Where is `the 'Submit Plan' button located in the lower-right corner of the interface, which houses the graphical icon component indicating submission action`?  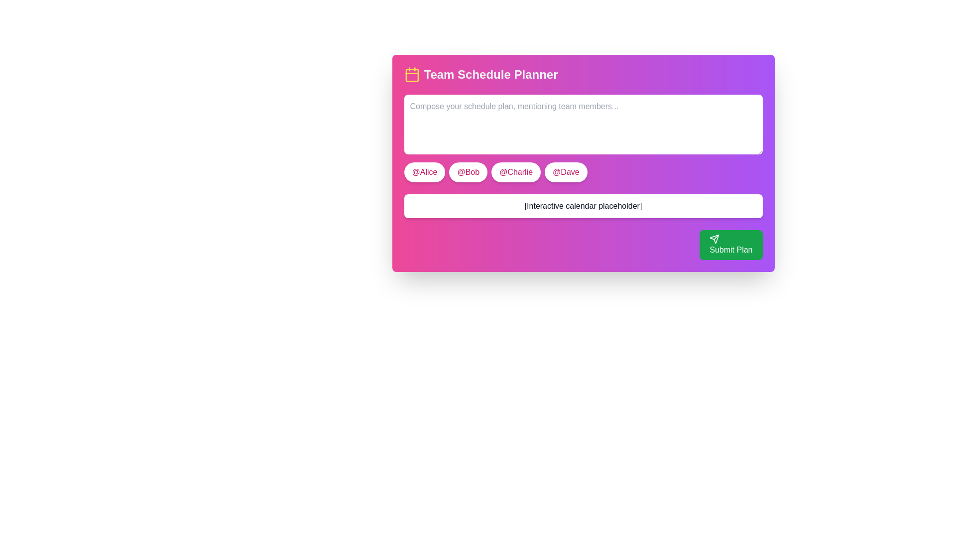 the 'Submit Plan' button located in the lower-right corner of the interface, which houses the graphical icon component indicating submission action is located at coordinates (714, 238).